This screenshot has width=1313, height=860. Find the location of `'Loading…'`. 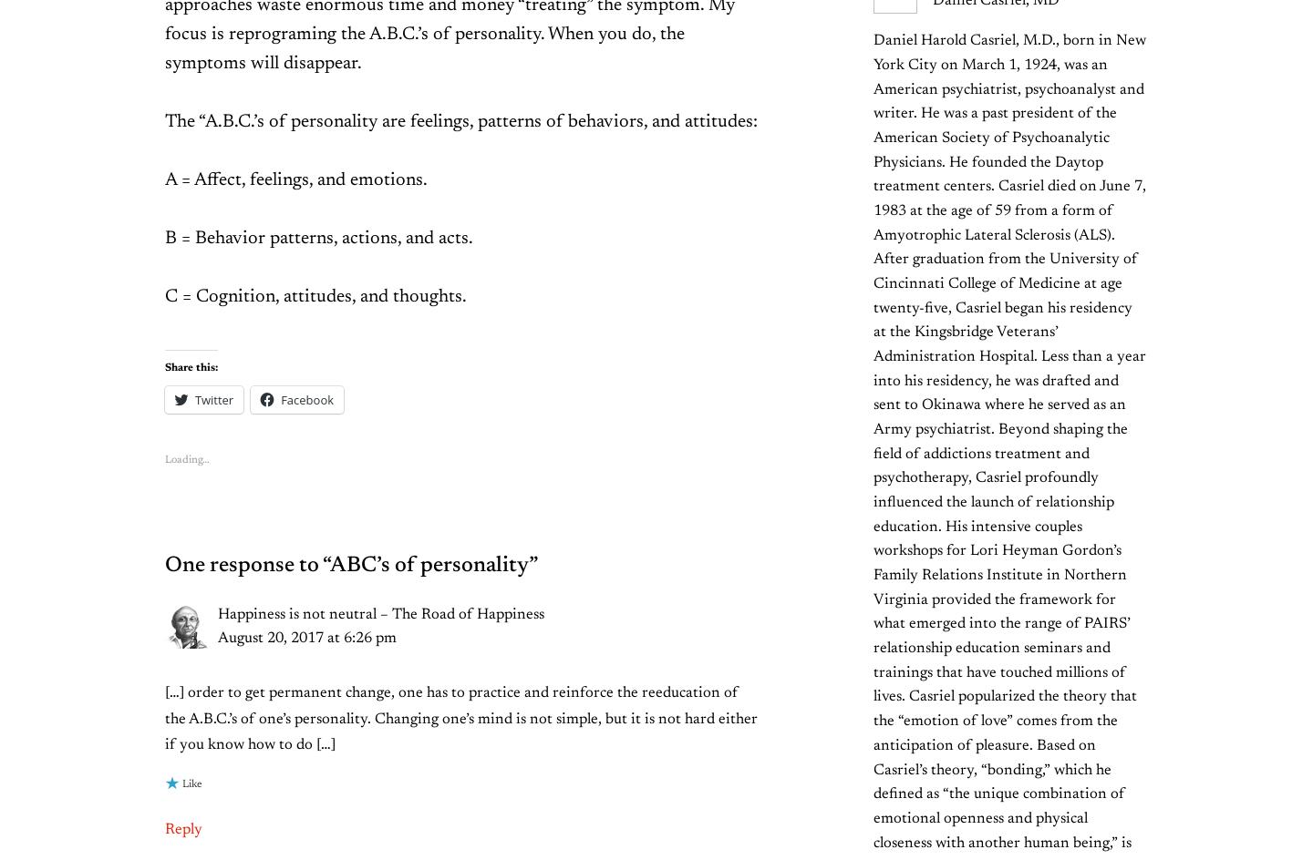

'Loading…' is located at coordinates (165, 460).